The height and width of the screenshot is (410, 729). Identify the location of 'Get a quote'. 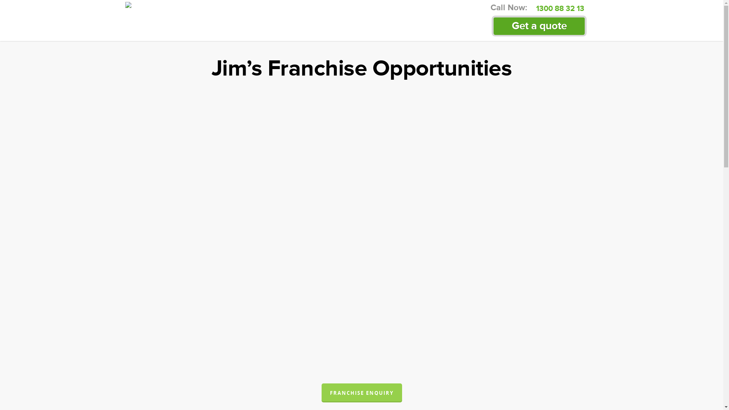
(539, 26).